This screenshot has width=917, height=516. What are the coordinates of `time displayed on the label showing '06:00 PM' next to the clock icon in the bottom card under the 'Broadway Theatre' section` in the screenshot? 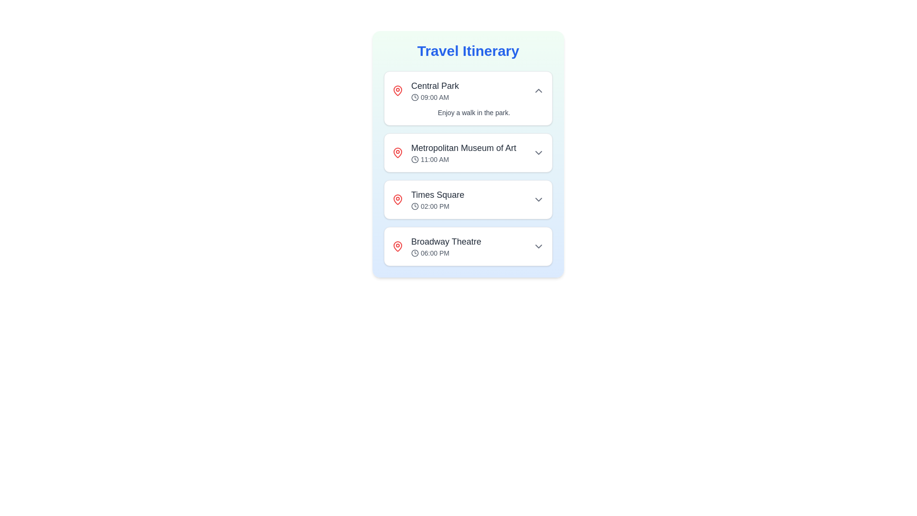 It's located at (446, 252).